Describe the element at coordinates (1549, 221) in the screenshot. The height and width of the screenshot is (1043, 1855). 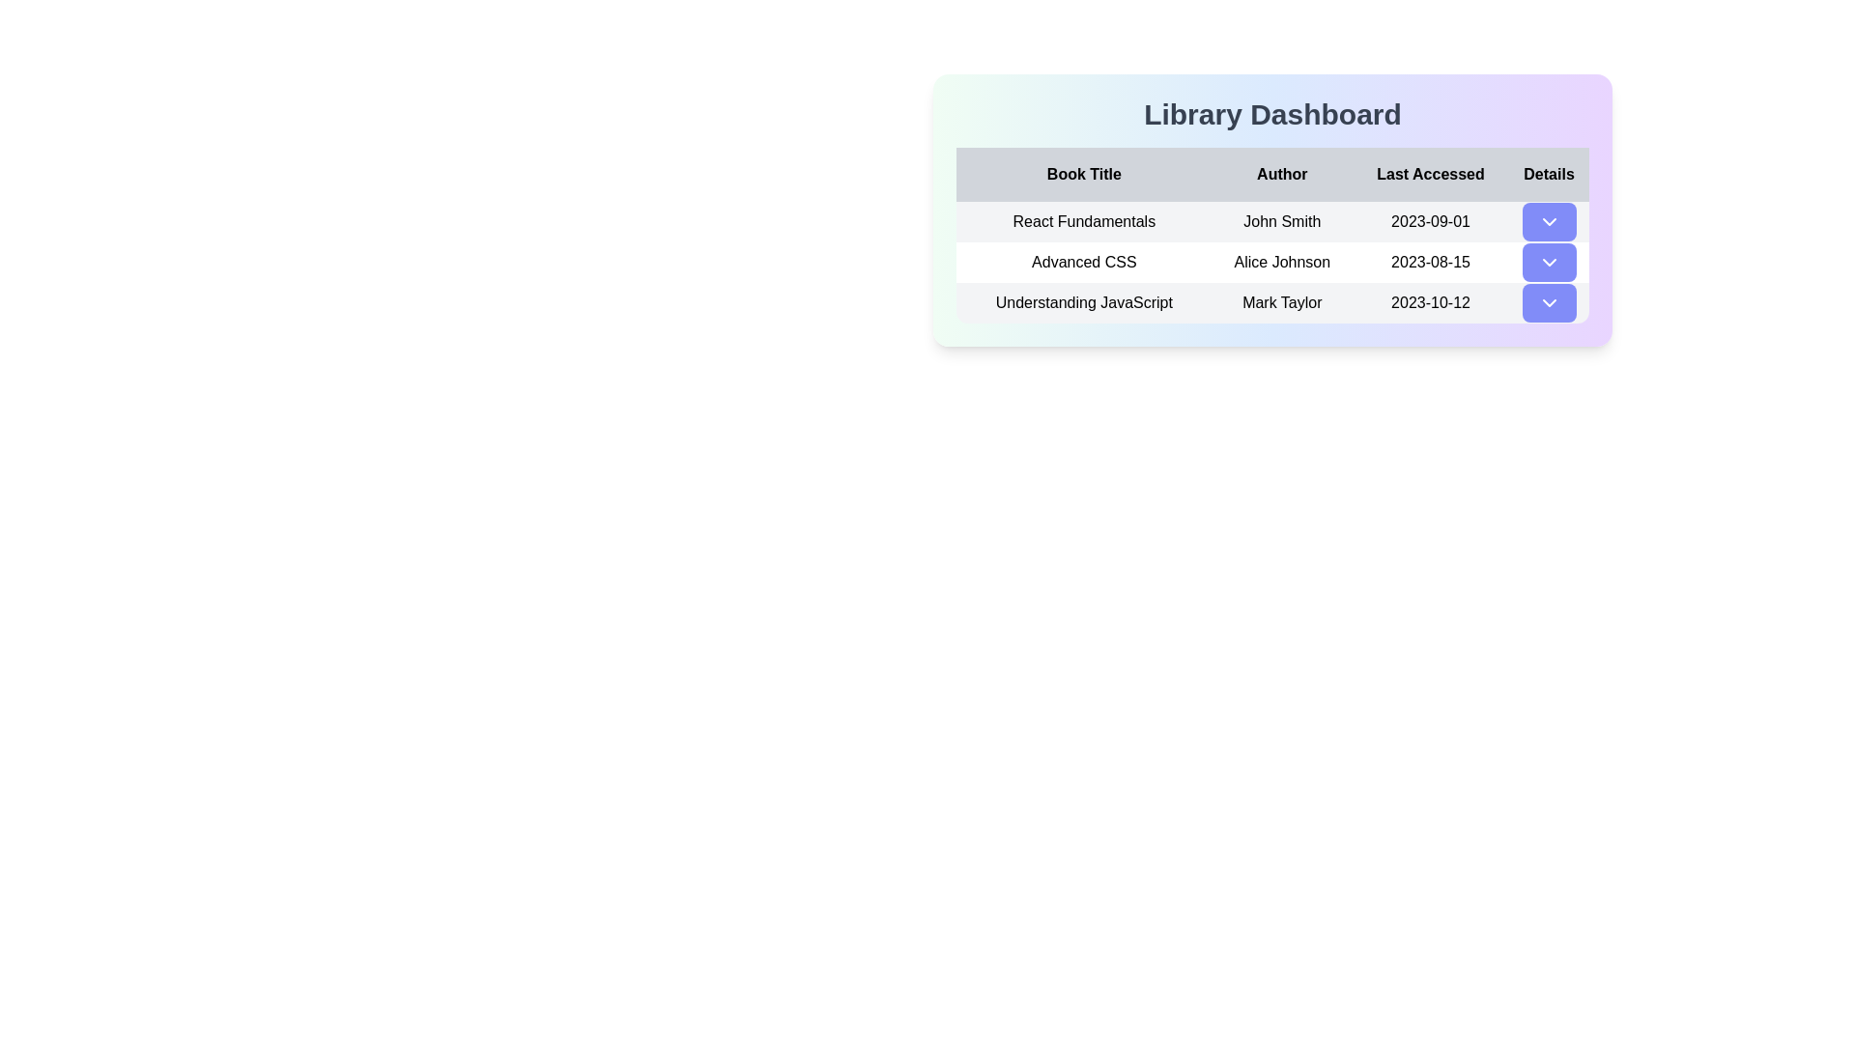
I see `the purple rounded button with a downward arrow icon in the 'Details' column of the first row in the library dashboard table` at that location.